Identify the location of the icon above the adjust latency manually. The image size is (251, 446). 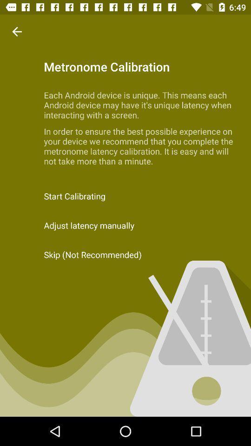
(125, 196).